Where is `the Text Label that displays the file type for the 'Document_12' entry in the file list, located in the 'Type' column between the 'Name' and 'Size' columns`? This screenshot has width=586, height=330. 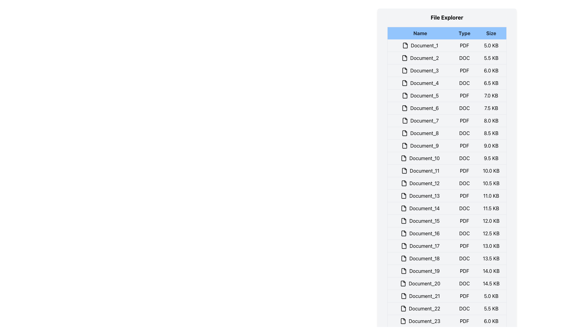 the Text Label that displays the file type for the 'Document_12' entry in the file list, located in the 'Type' column between the 'Name' and 'Size' columns is located at coordinates (464, 183).